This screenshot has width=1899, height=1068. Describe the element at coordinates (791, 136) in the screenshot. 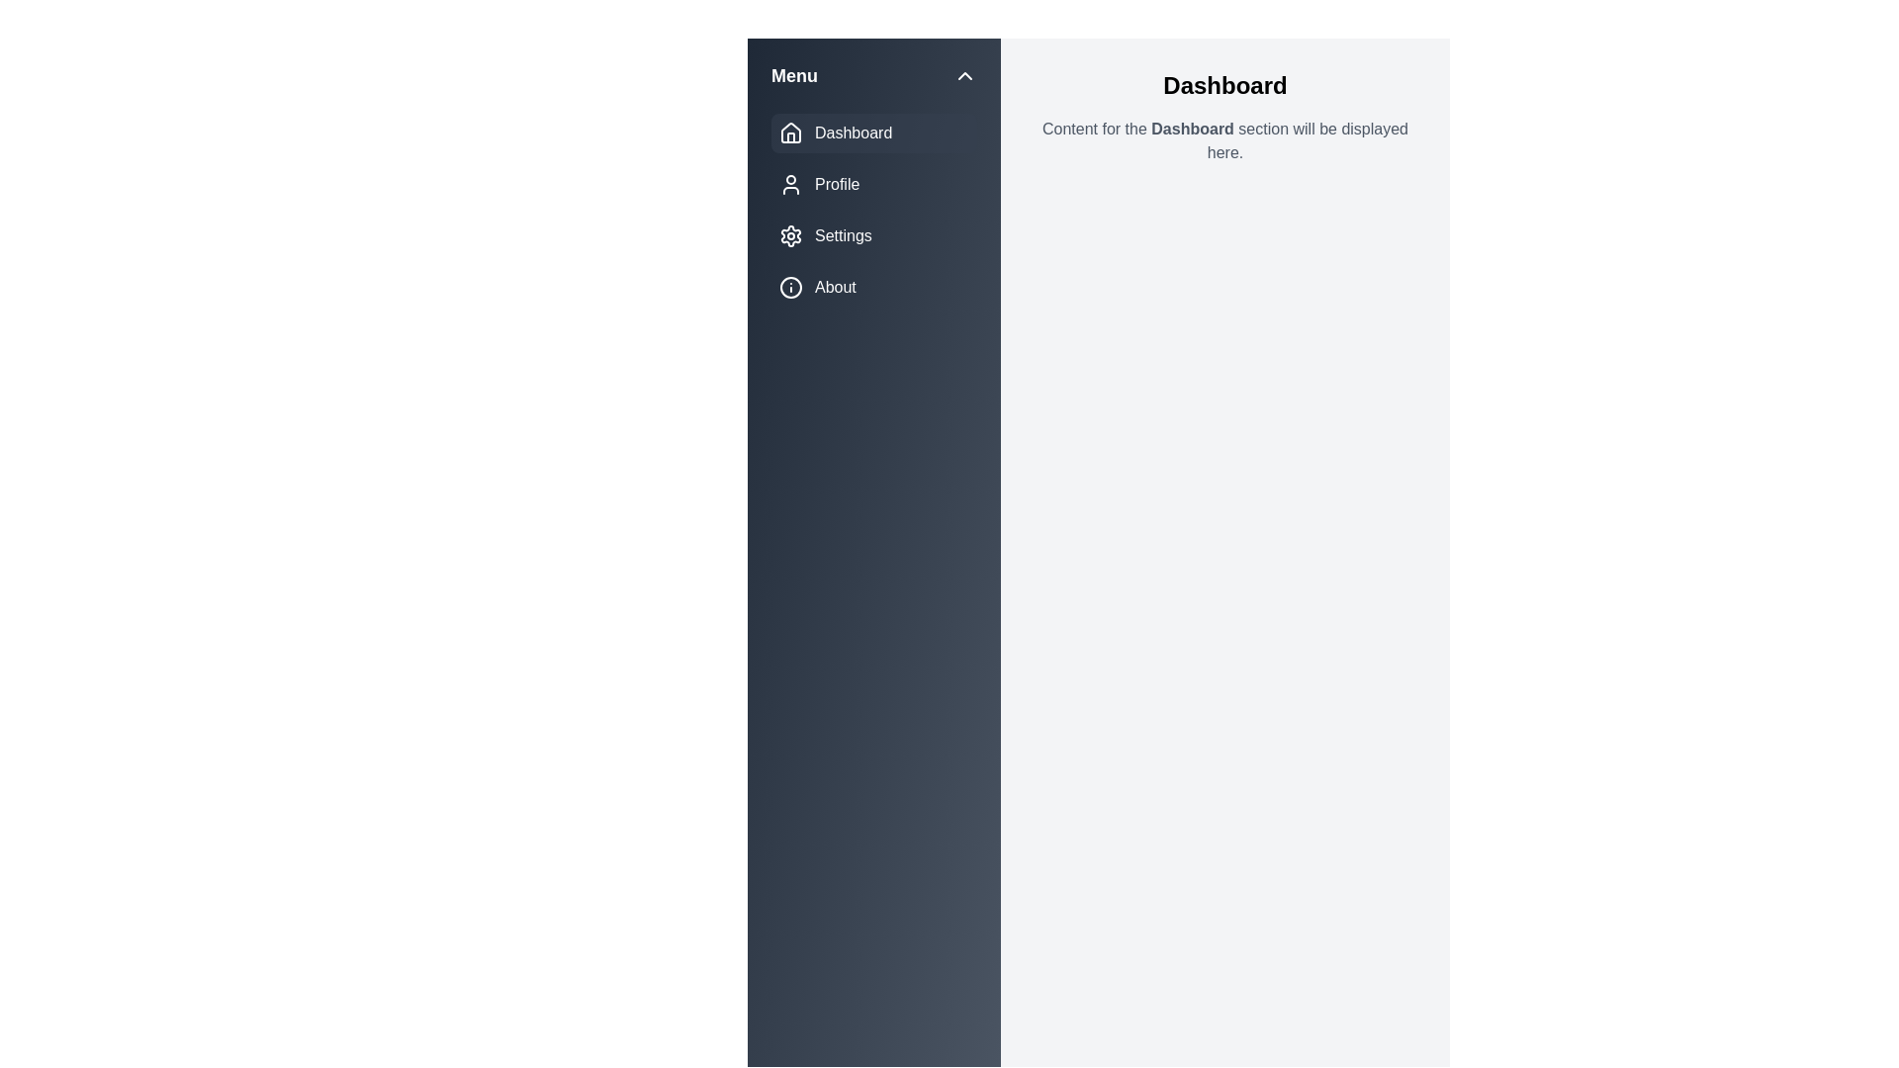

I see `the decorative graphic element that represents a door within the home-shaped icon preceding the 'Dashboard' menu entry` at that location.